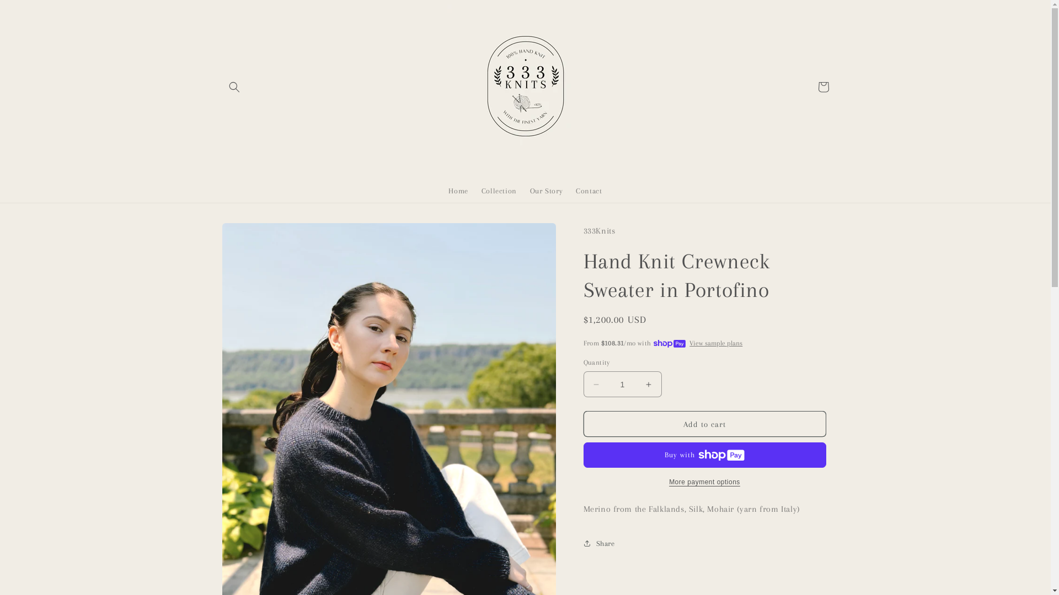 The height and width of the screenshot is (595, 1059). Describe the element at coordinates (499, 191) in the screenshot. I see `'Collection'` at that location.